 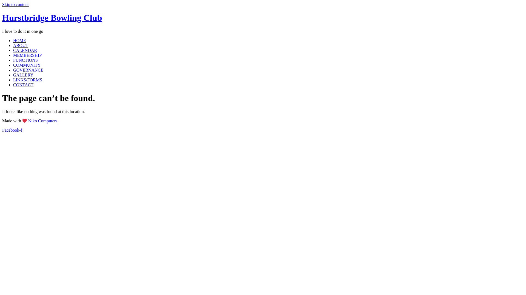 I want to click on 'Skip to content', so click(x=15, y=4).